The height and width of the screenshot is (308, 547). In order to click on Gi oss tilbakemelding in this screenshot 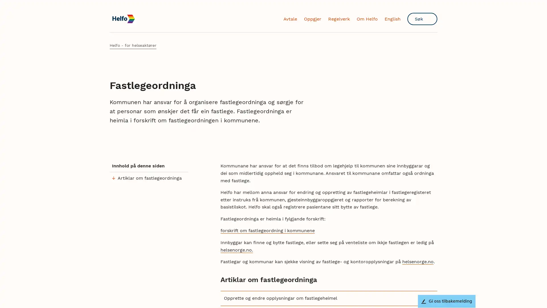, I will do `click(446, 301)`.